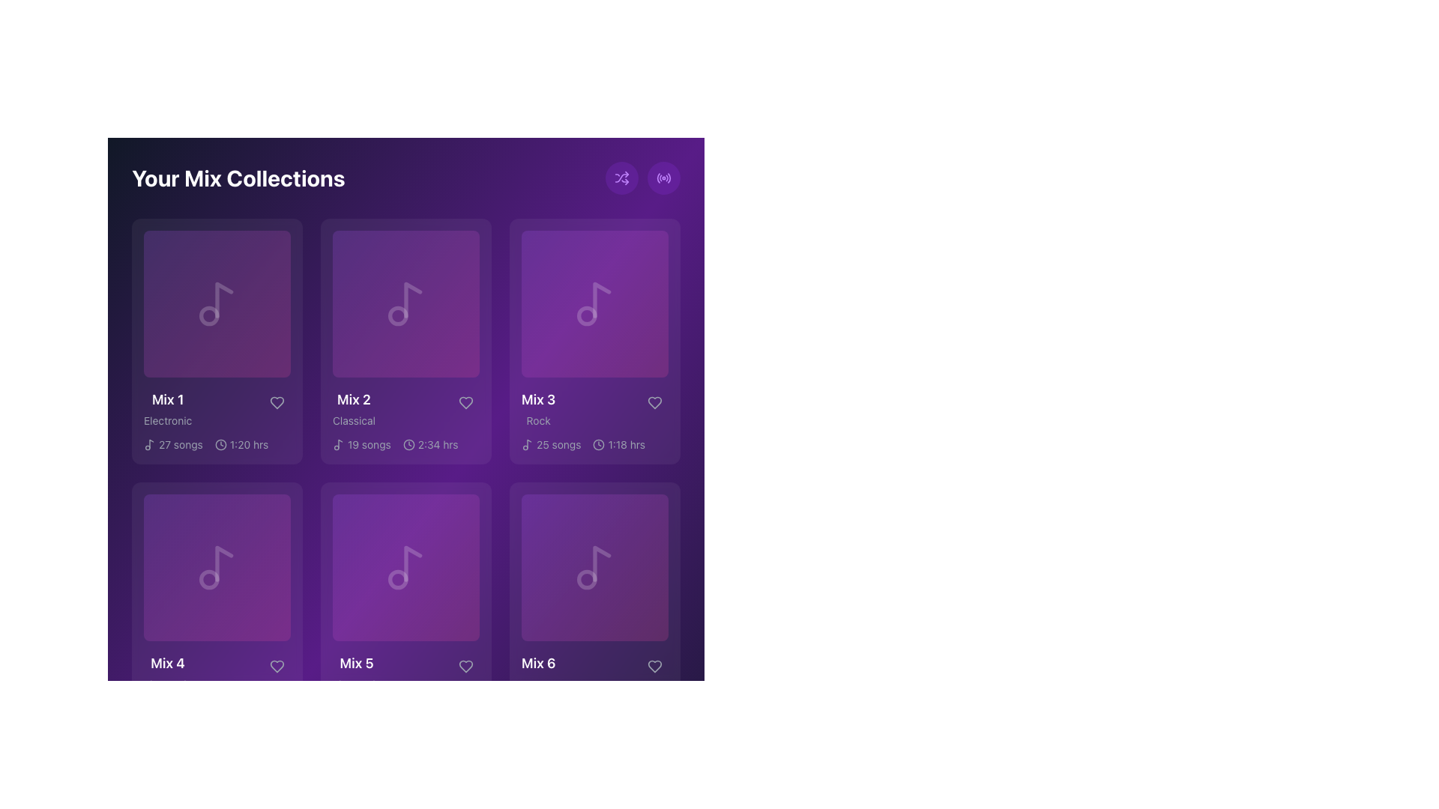 The image size is (1439, 809). Describe the element at coordinates (619, 444) in the screenshot. I see `the text element indicating the total duration of the mix labeled 'Mix 3', which is located in the third item of a grid layout, below '25 songs' and adjacent to the clock icon` at that location.